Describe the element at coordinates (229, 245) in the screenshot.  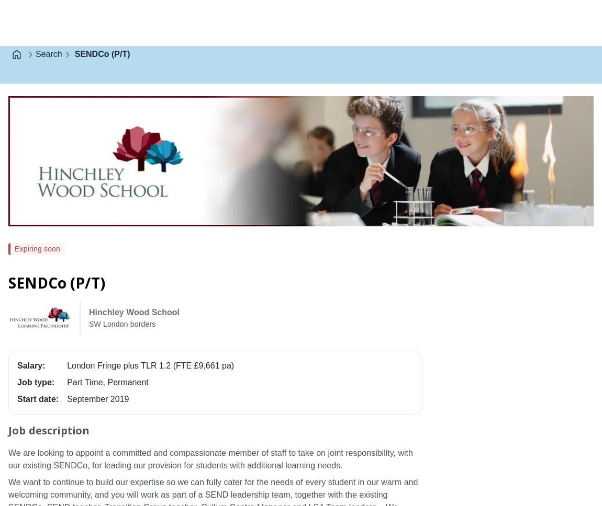
I see `'Claygate Lane, Hinchley Wood, Esher'` at that location.